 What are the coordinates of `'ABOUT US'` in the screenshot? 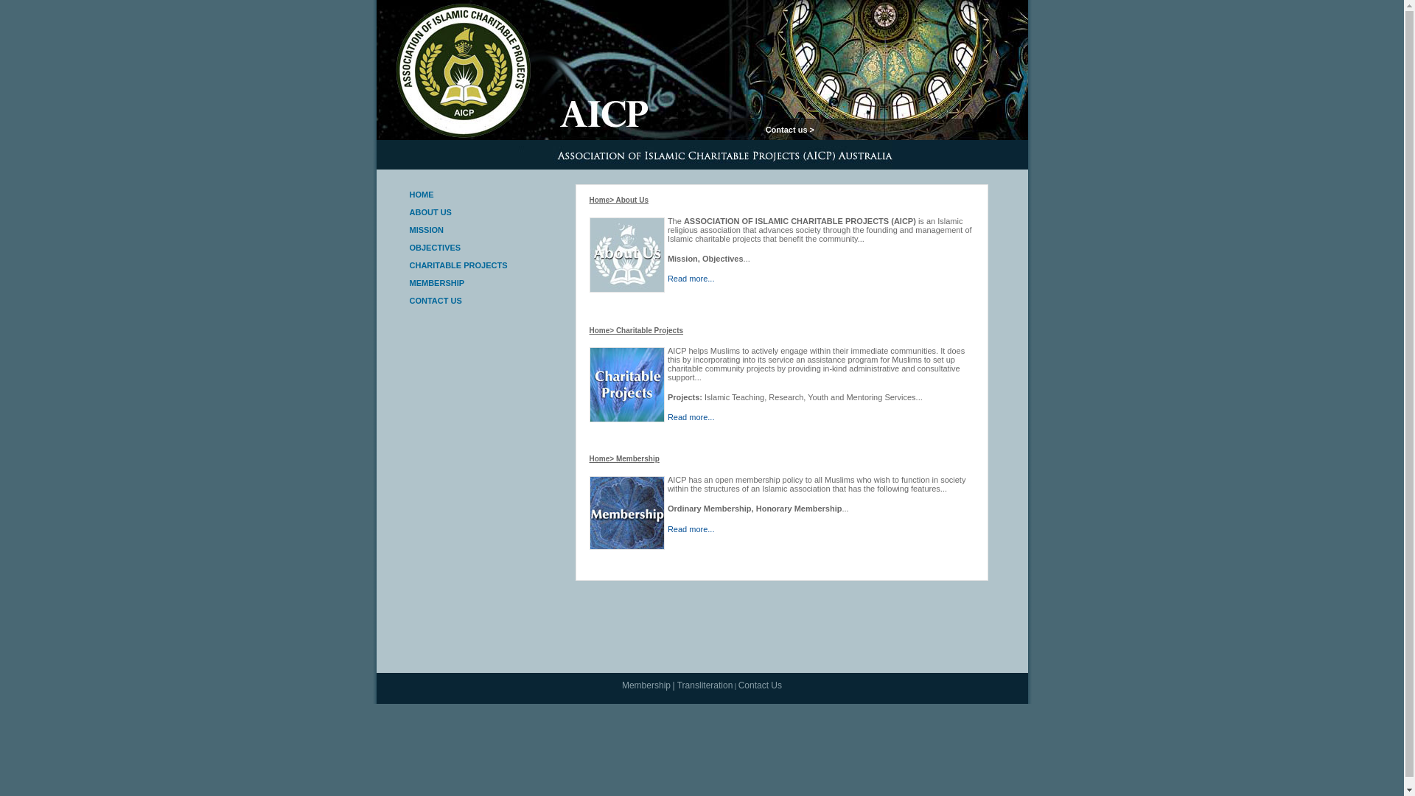 It's located at (410, 212).